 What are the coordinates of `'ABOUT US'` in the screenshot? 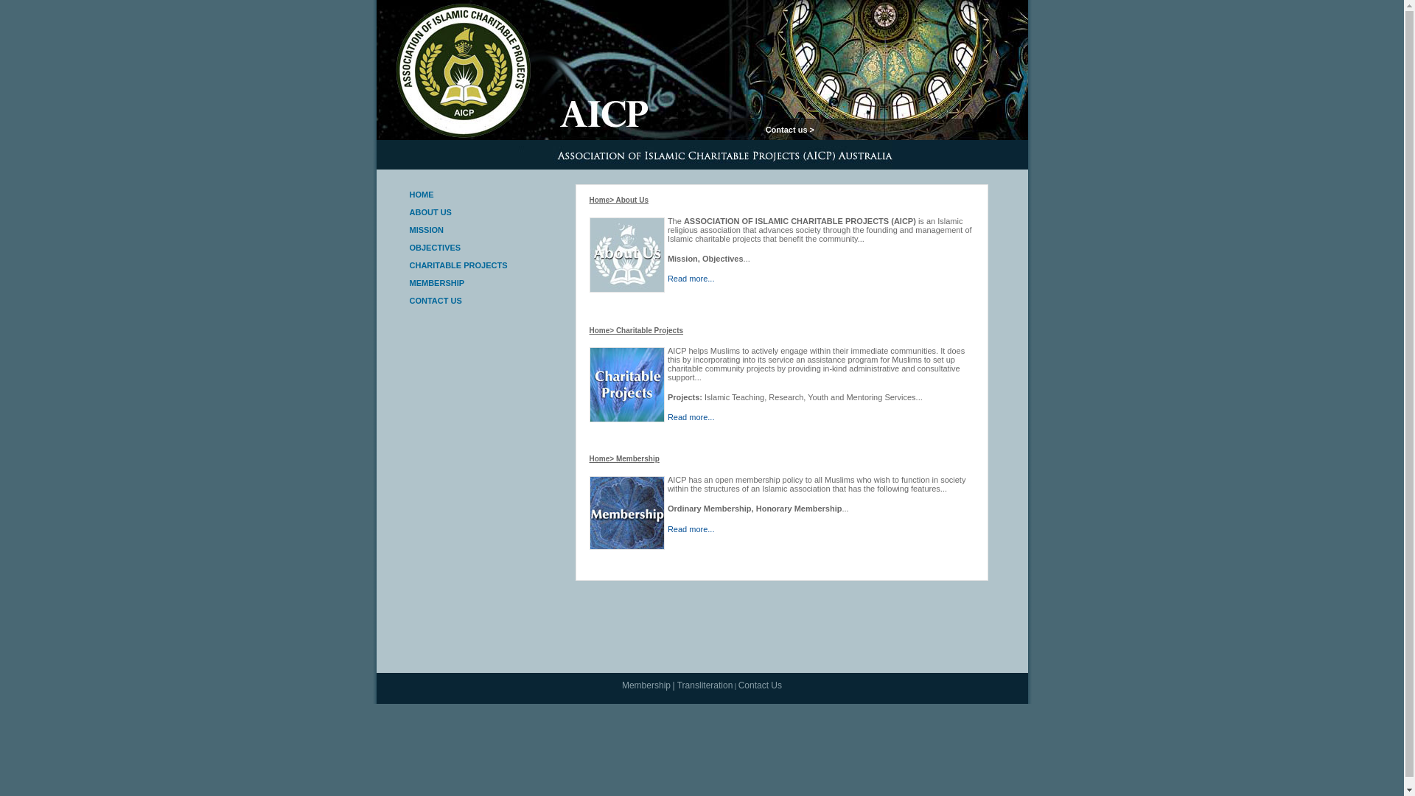 It's located at (410, 212).